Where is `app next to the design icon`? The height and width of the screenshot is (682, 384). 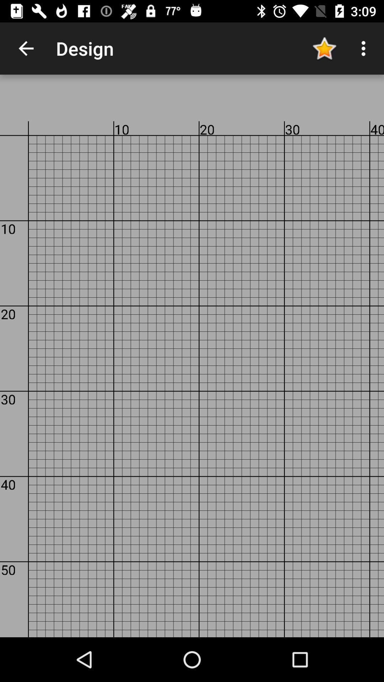 app next to the design icon is located at coordinates (324, 48).